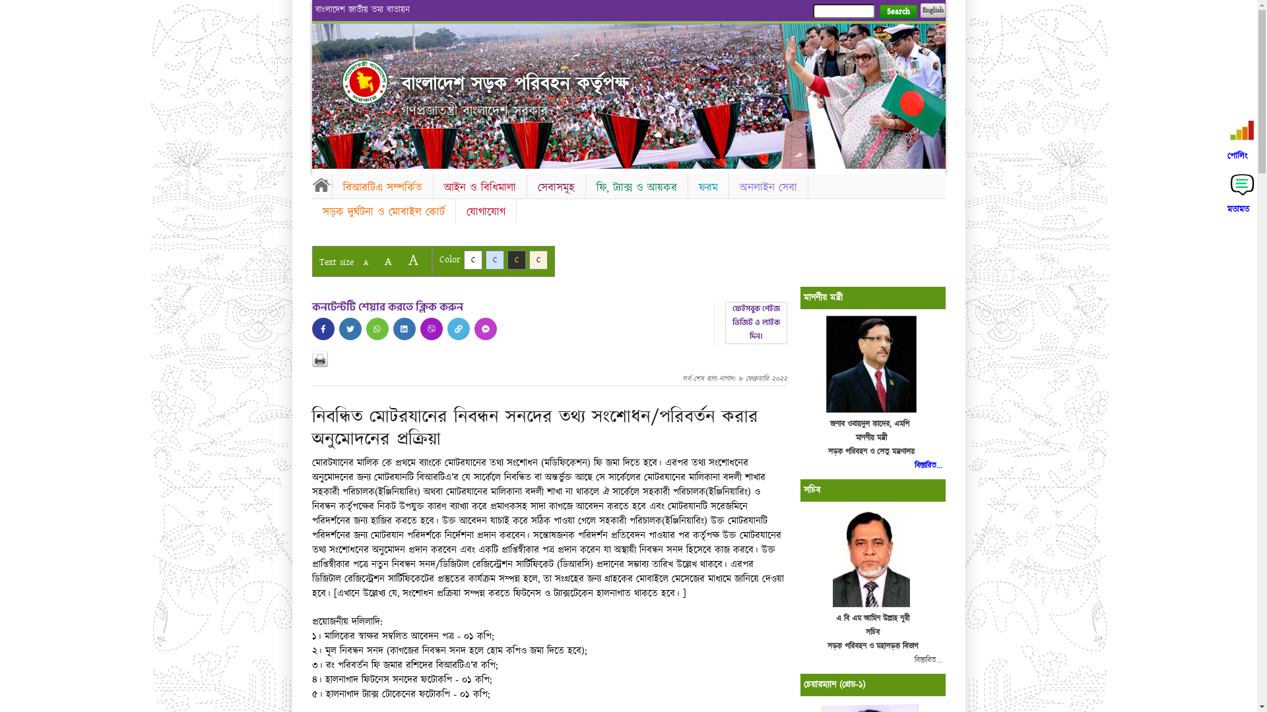 The height and width of the screenshot is (712, 1267). Describe the element at coordinates (494, 260) in the screenshot. I see `'C'` at that location.